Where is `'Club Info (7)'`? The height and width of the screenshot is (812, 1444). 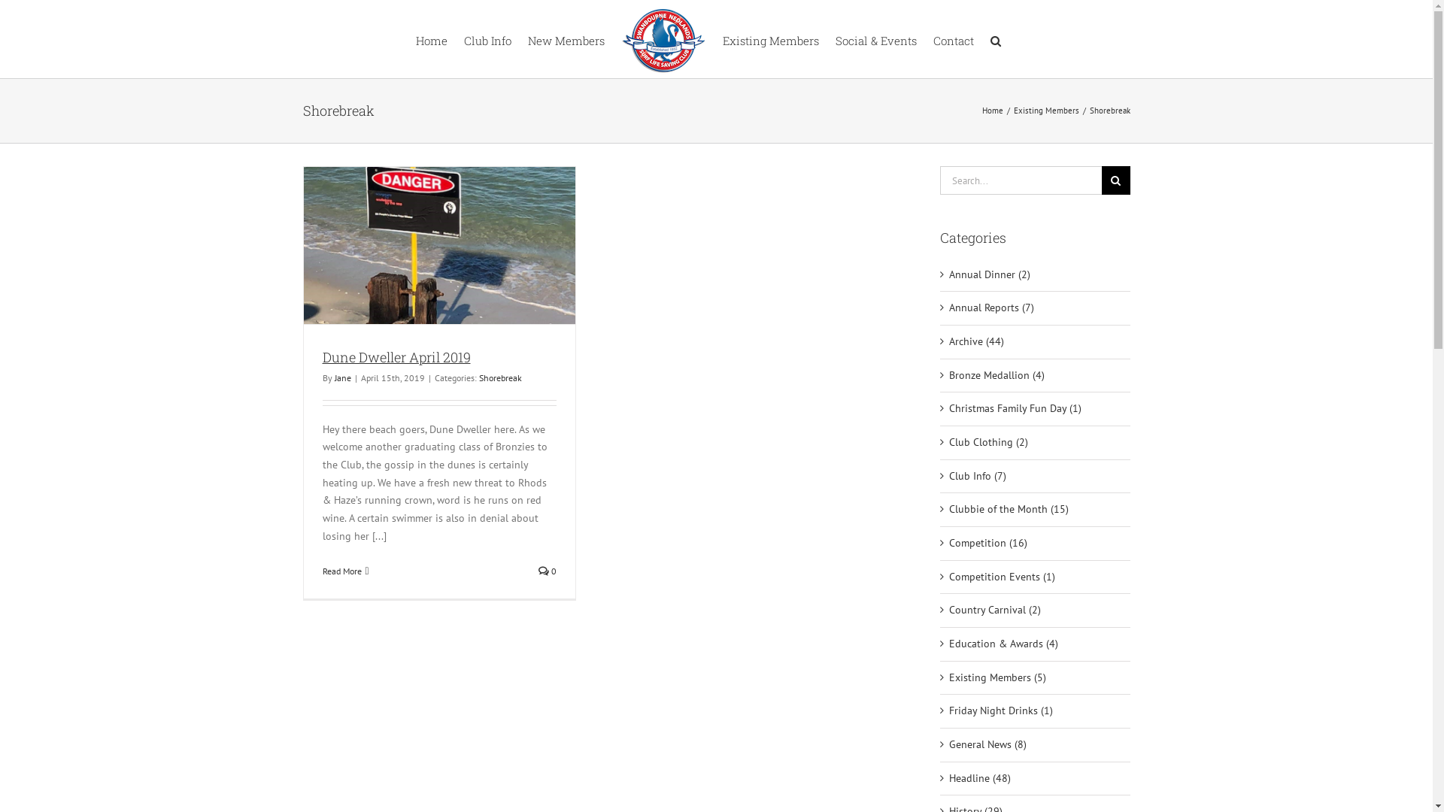 'Club Info (7)' is located at coordinates (948, 476).